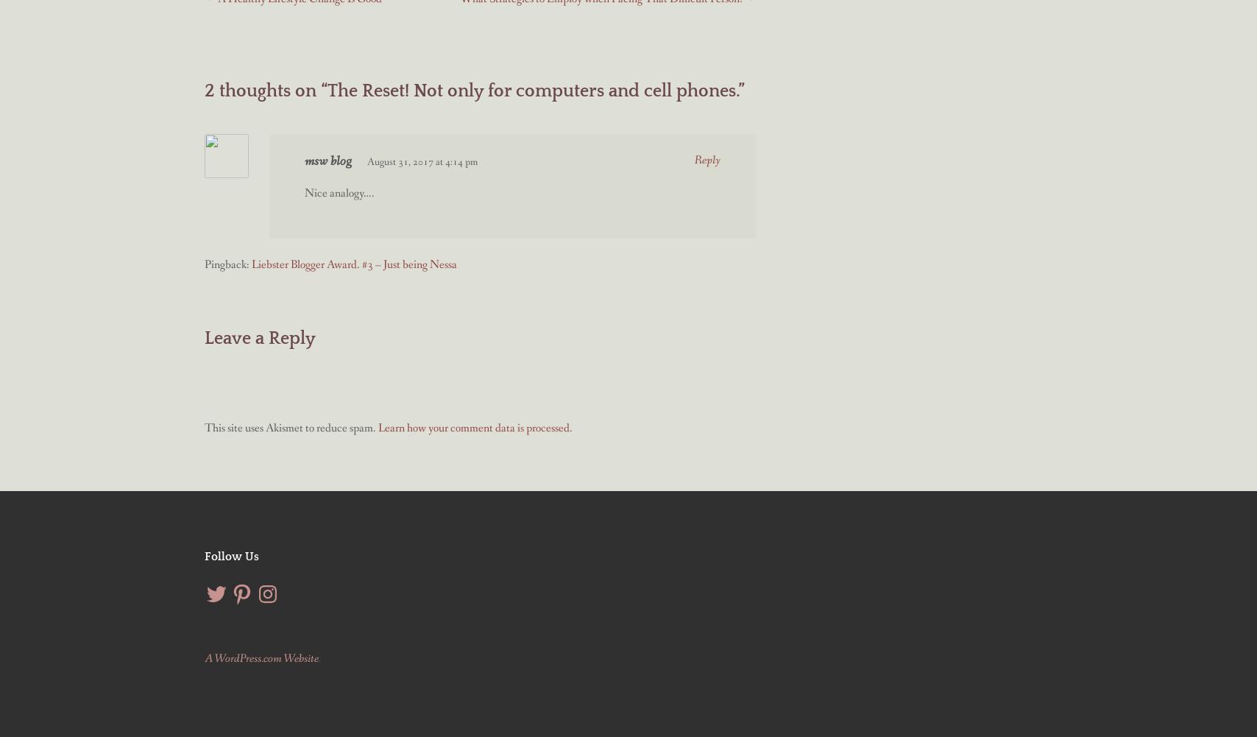 Image resolution: width=1257 pixels, height=737 pixels. What do you see at coordinates (251, 264) in the screenshot?
I see `'Liebster Blogger Award. #3 – Just being Nessa'` at bounding box center [251, 264].